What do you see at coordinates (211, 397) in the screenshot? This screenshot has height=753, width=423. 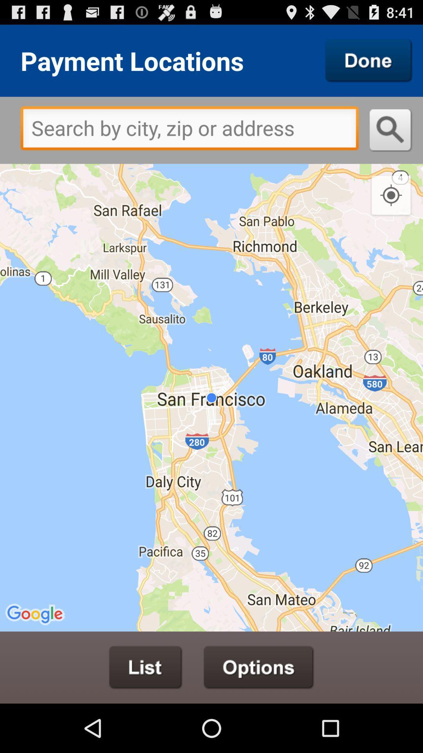 I see `icon at the center` at bounding box center [211, 397].